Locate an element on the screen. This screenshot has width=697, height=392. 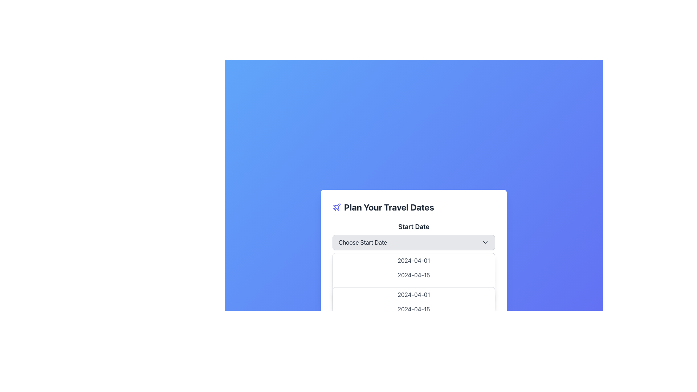
the plane-shaped icon with a stylized design located near the top-left corner, adjacent to the text header 'Plan Your Travel Dates' is located at coordinates (337, 207).